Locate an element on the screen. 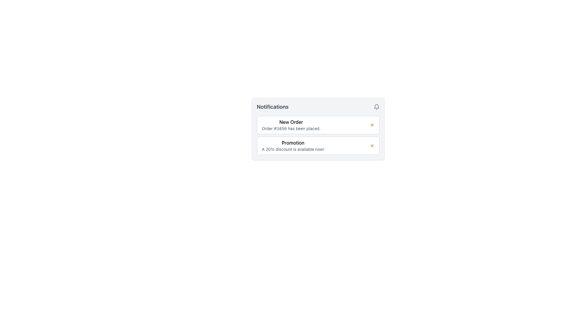  the Notification card that informs the user of a new order (Order #3456) placed, which is the first item in the vertical list of notifications is located at coordinates (318, 124).